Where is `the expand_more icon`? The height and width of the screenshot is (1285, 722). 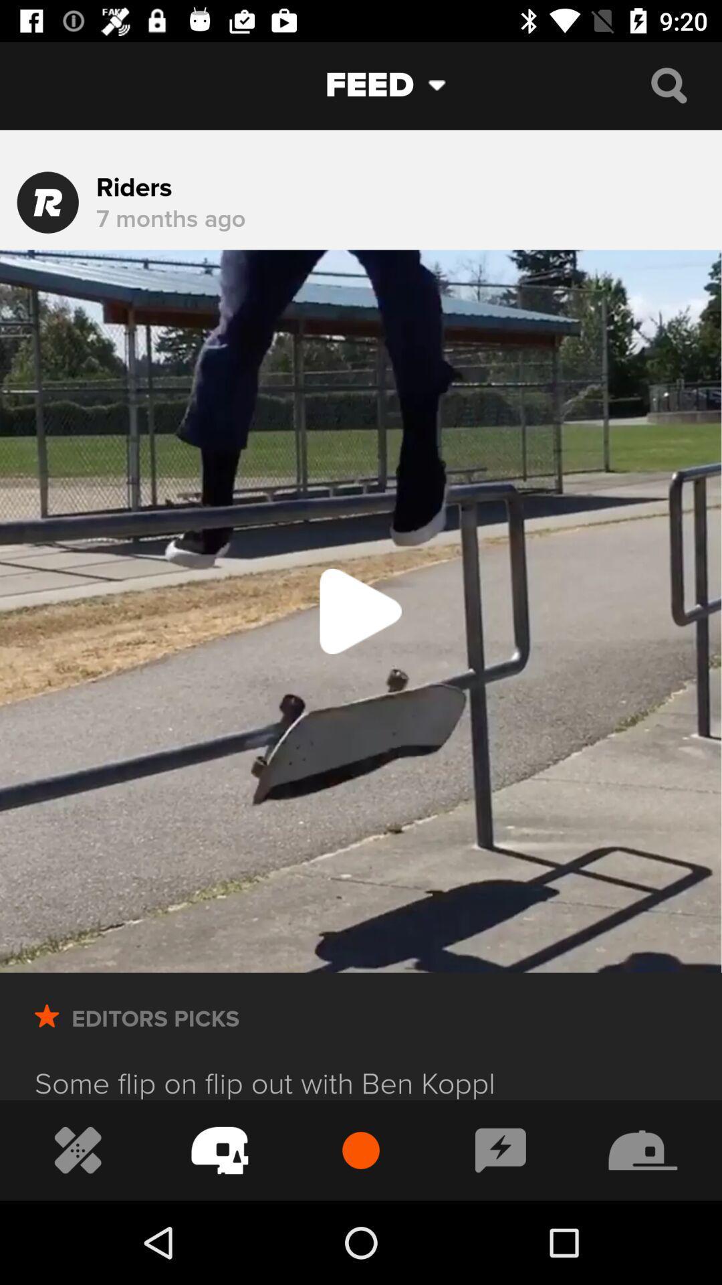
the expand_more icon is located at coordinates (447, 84).